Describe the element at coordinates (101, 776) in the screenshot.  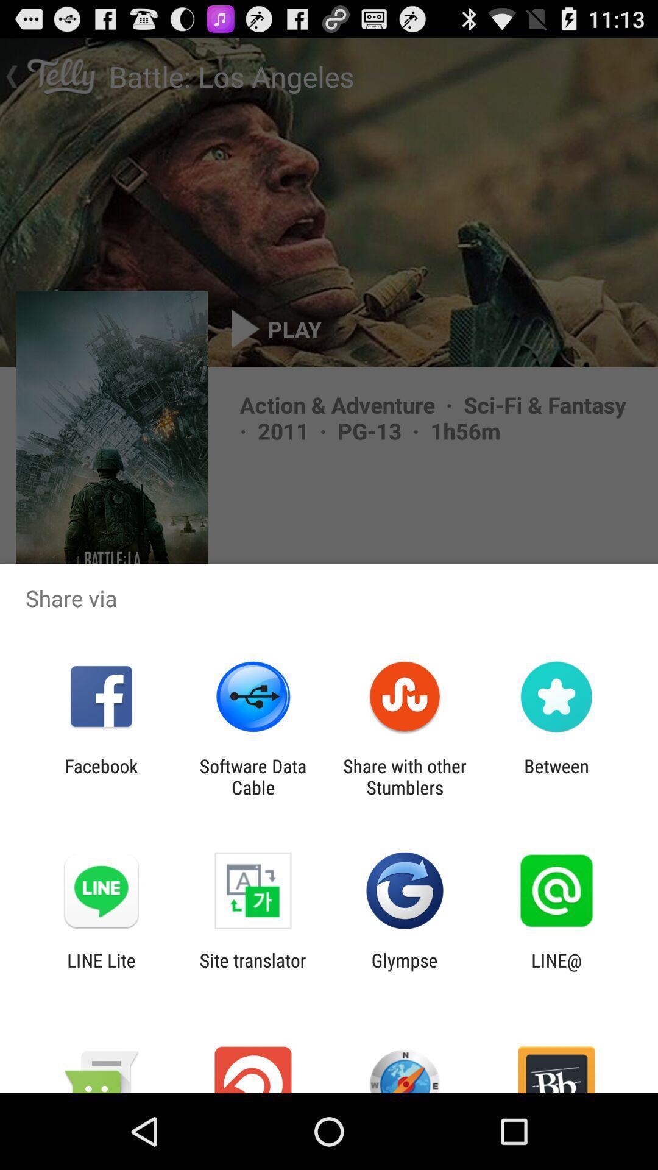
I see `the facebook app` at that location.